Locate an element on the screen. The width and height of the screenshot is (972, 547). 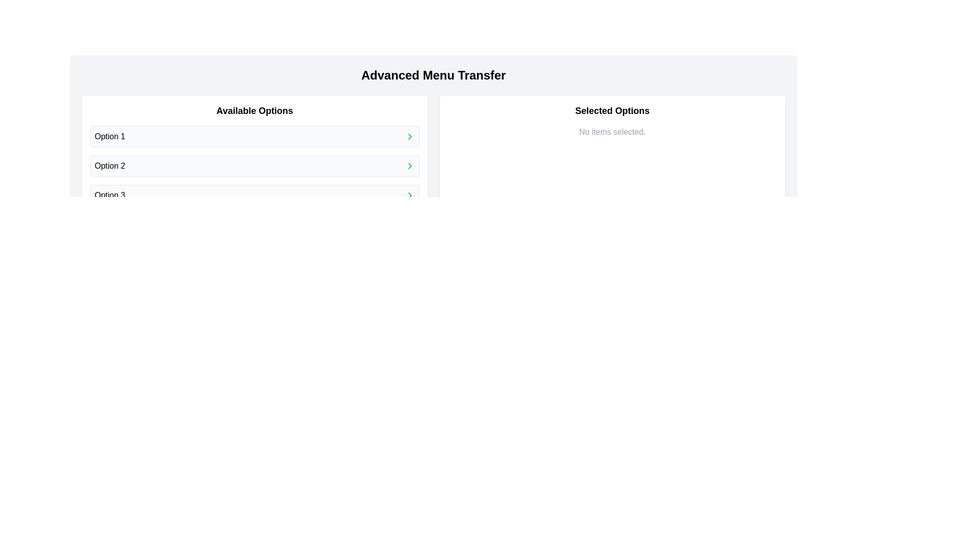
the button positioned to the right of the text 'Option 1' in the 'Available Options' section is located at coordinates (410, 137).